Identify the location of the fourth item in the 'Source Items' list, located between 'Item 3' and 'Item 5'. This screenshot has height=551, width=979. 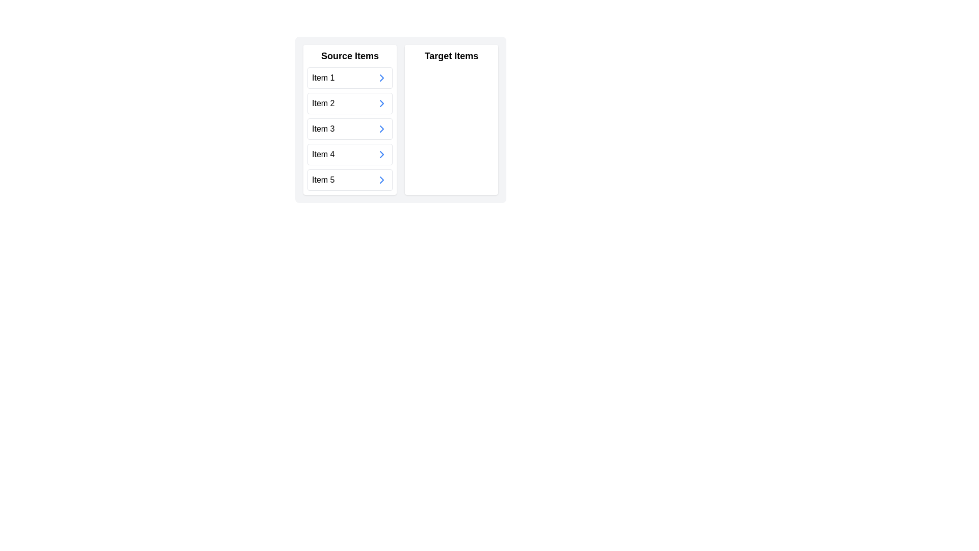
(350, 155).